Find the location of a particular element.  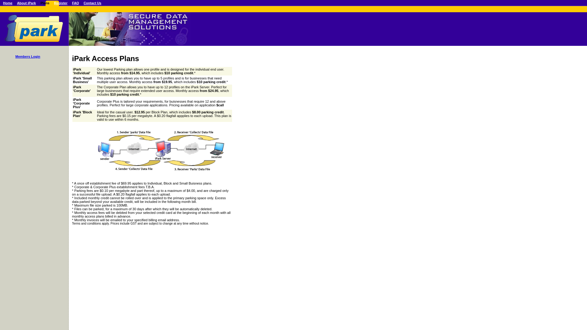

'Contact Us' is located at coordinates (83, 3).